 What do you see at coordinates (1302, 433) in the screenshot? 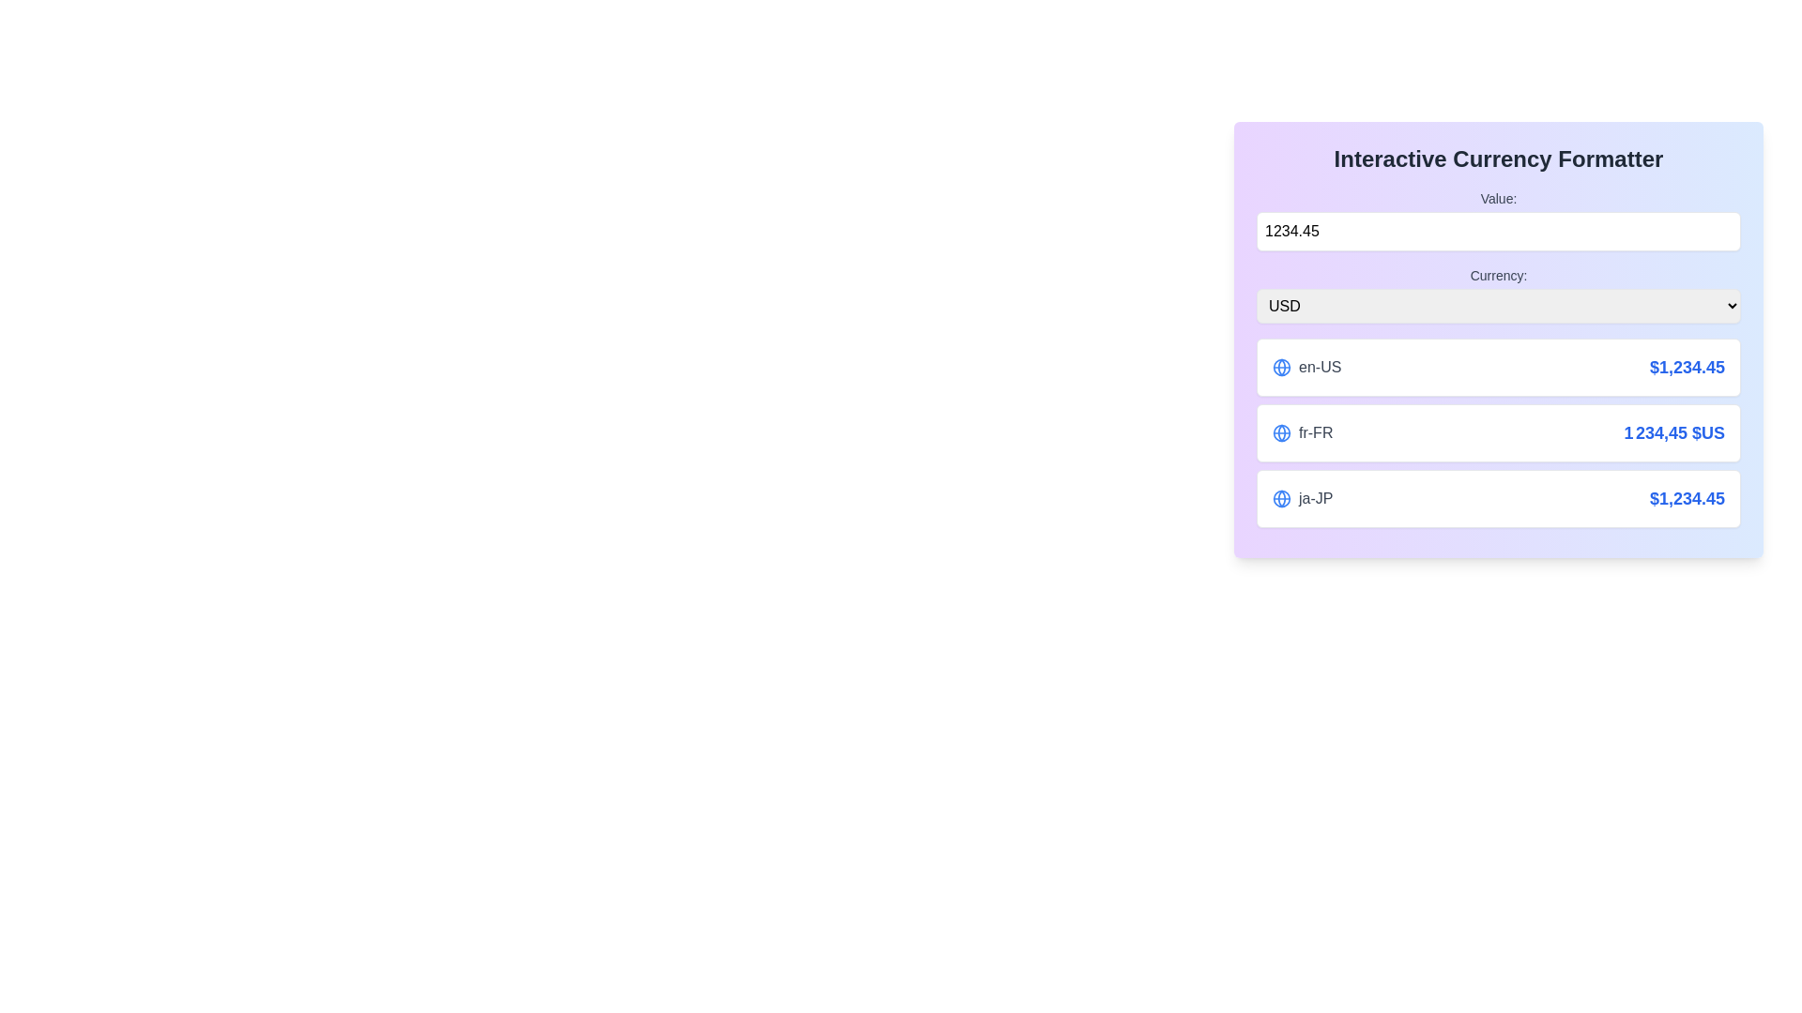
I see `the label 'fr-FR' which is a bold text label with a blue globe icon, located as the second item in a vertical list of currency information` at bounding box center [1302, 433].